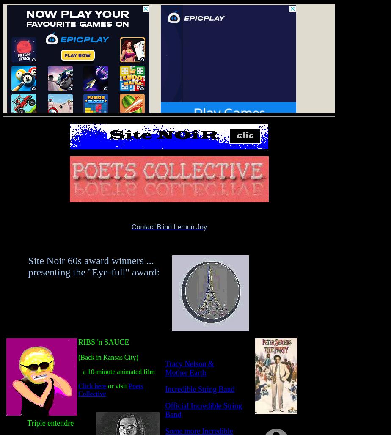 The image size is (391, 435). Describe the element at coordinates (104, 342) in the screenshot. I see `'RIBS 'n SAUCE'` at that location.